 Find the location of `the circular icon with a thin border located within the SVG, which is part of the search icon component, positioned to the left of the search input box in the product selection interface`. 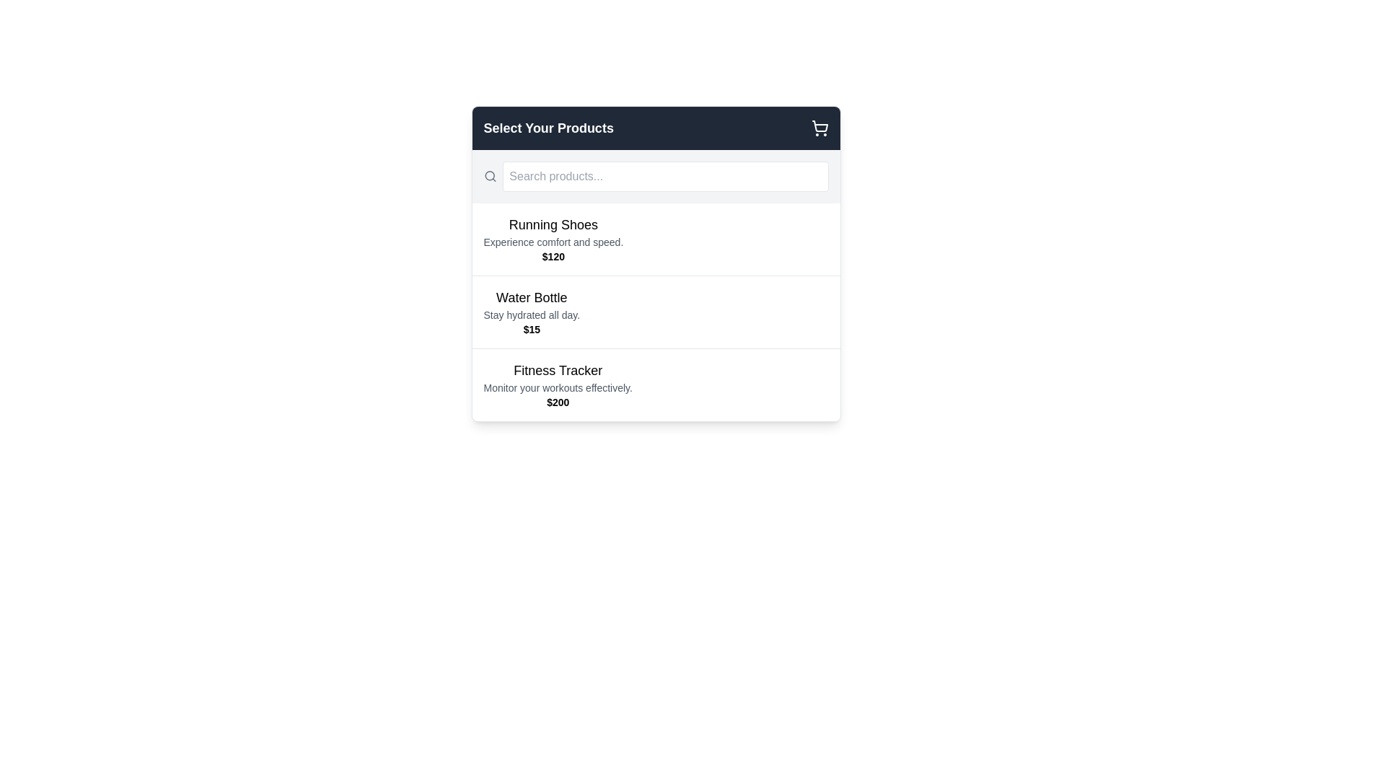

the circular icon with a thin border located within the SVG, which is part of the search icon component, positioned to the left of the search input box in the product selection interface is located at coordinates (490, 175).